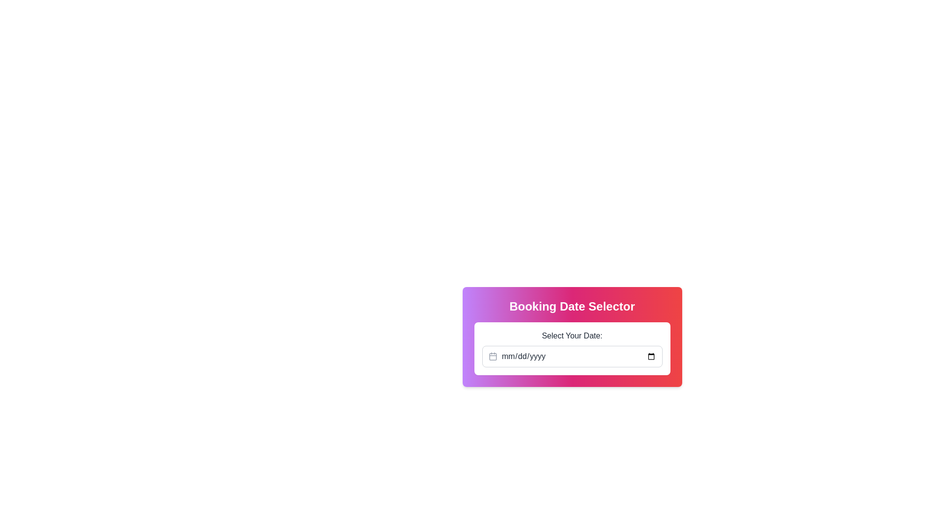 The height and width of the screenshot is (529, 941). What do you see at coordinates (572, 336) in the screenshot?
I see `the static text label that provides a description for the date input field, which is centrally located above the input field` at bounding box center [572, 336].